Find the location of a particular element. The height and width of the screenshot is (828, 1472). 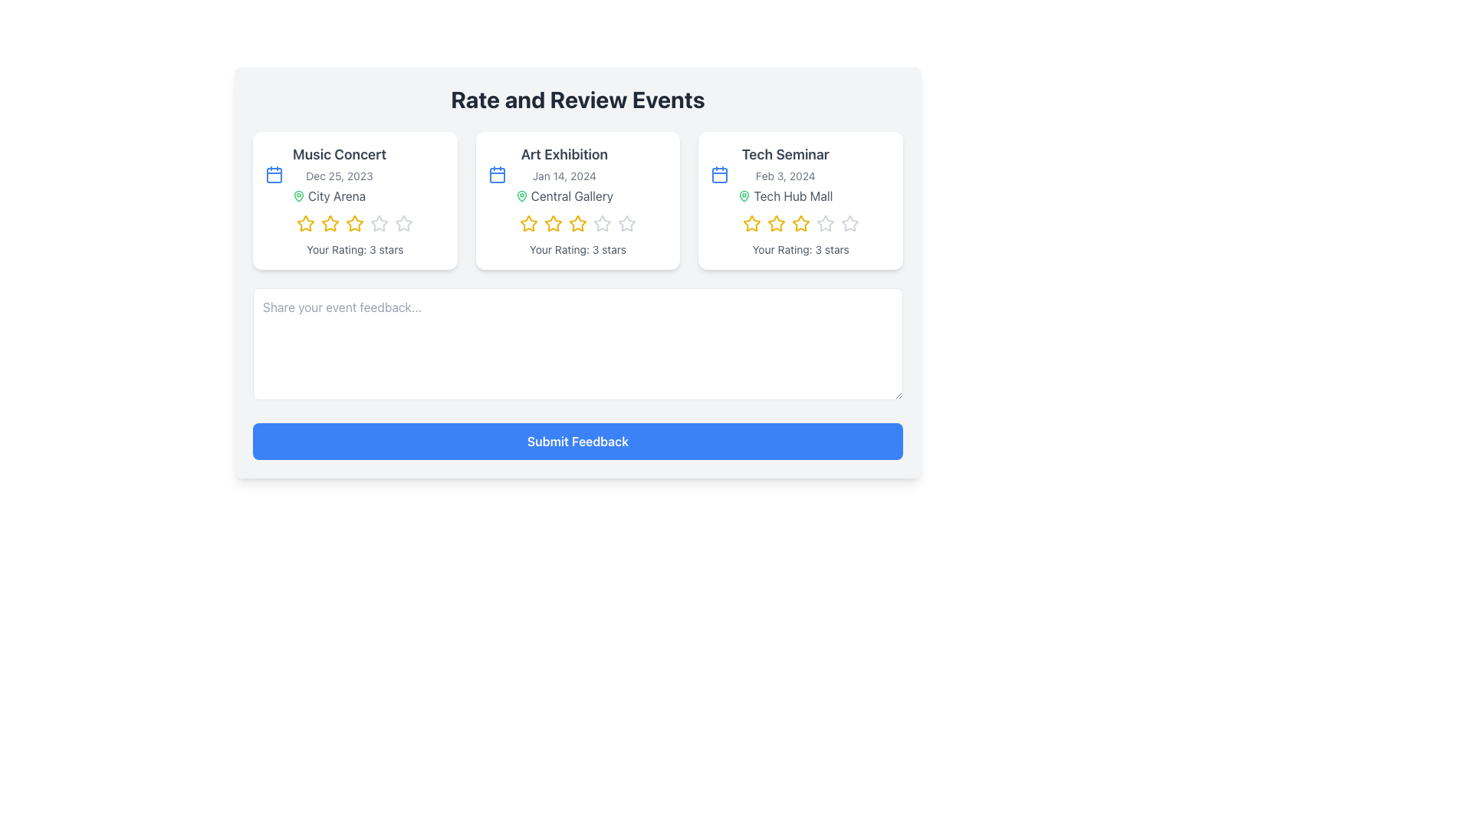

the rectangular icon component within the calendar icon located in the top-left corner of the 'Tech Seminar' event card is located at coordinates (719, 174).